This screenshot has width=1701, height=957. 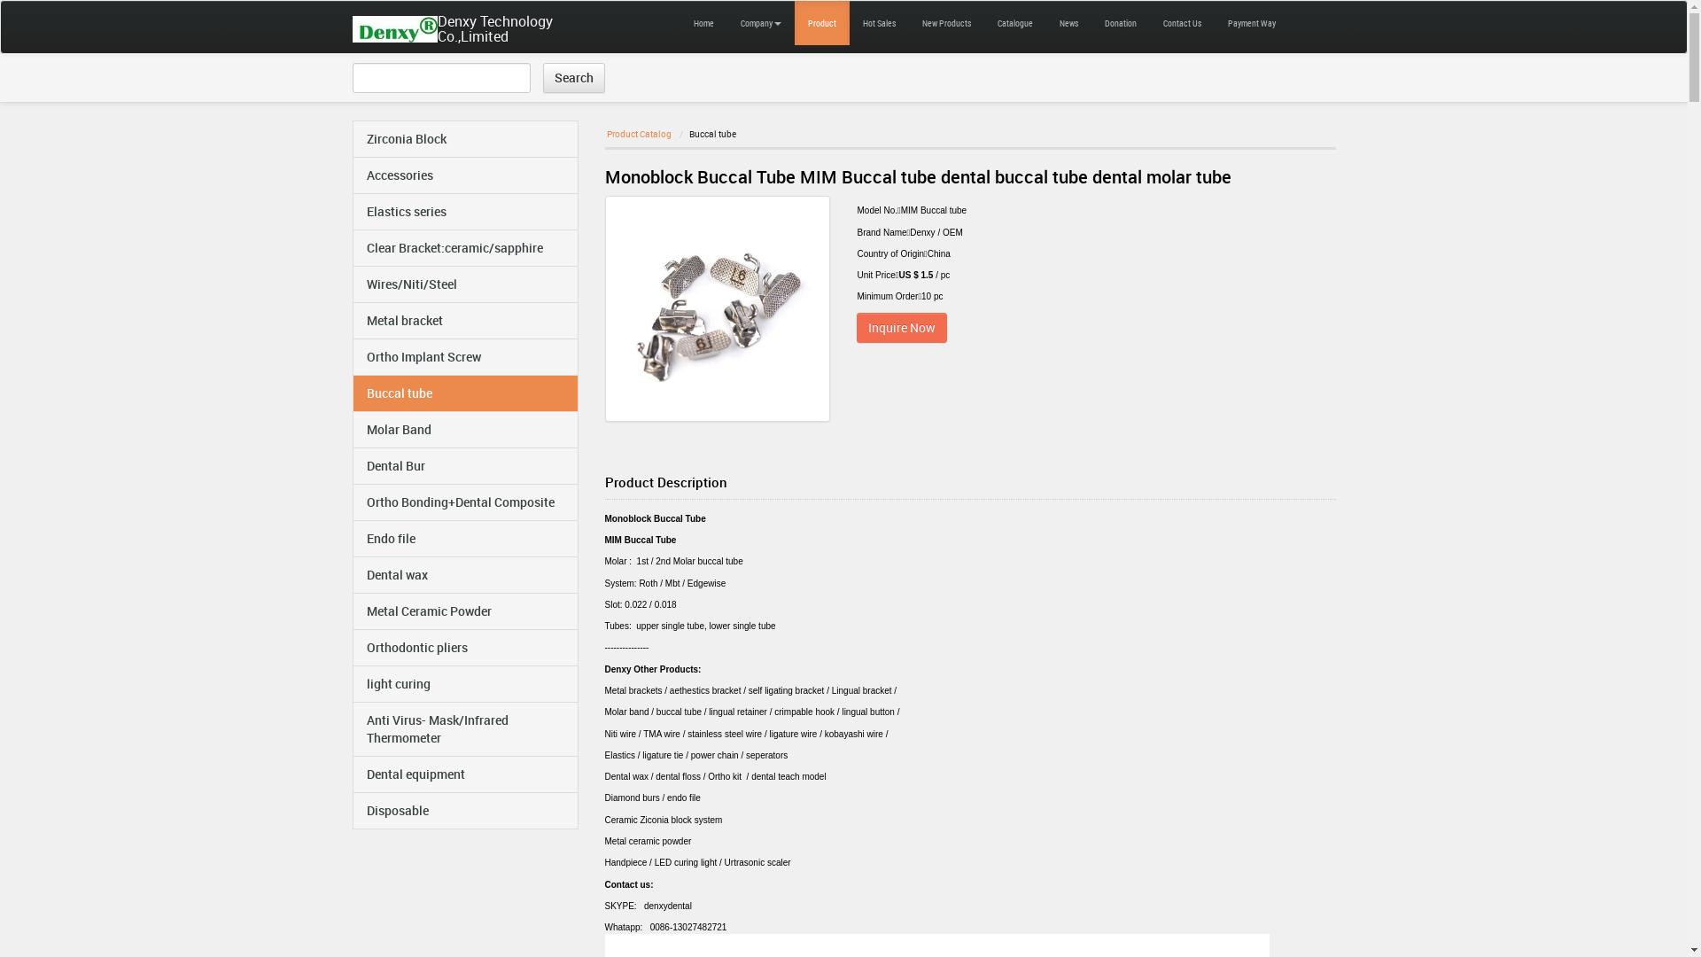 What do you see at coordinates (353, 430) in the screenshot?
I see `'Molar Band'` at bounding box center [353, 430].